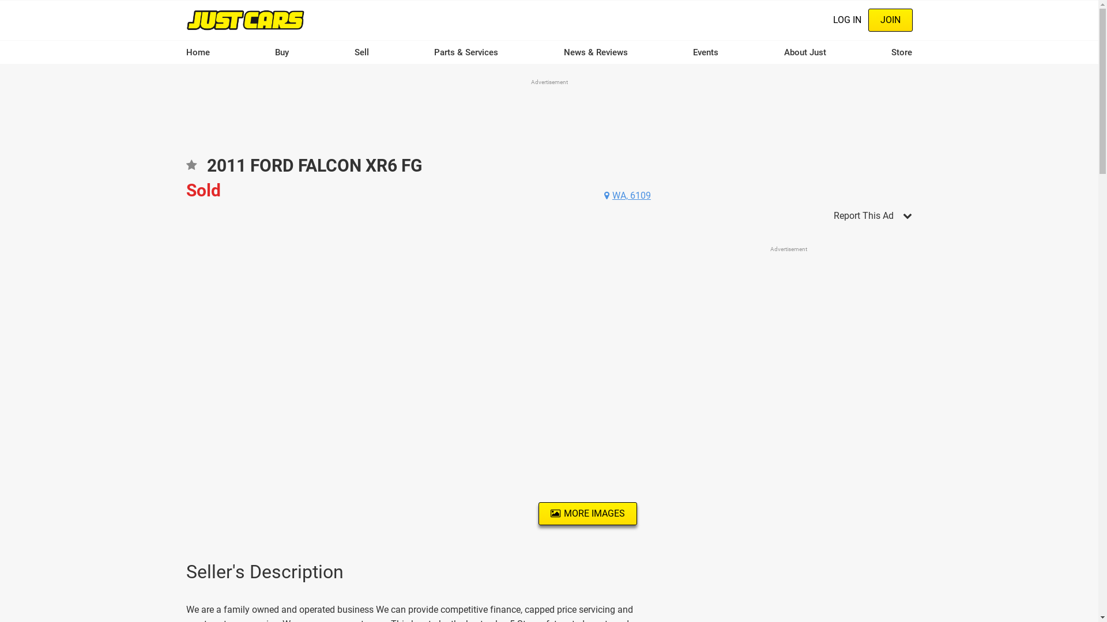  Describe the element at coordinates (244, 20) in the screenshot. I see `'Home'` at that location.